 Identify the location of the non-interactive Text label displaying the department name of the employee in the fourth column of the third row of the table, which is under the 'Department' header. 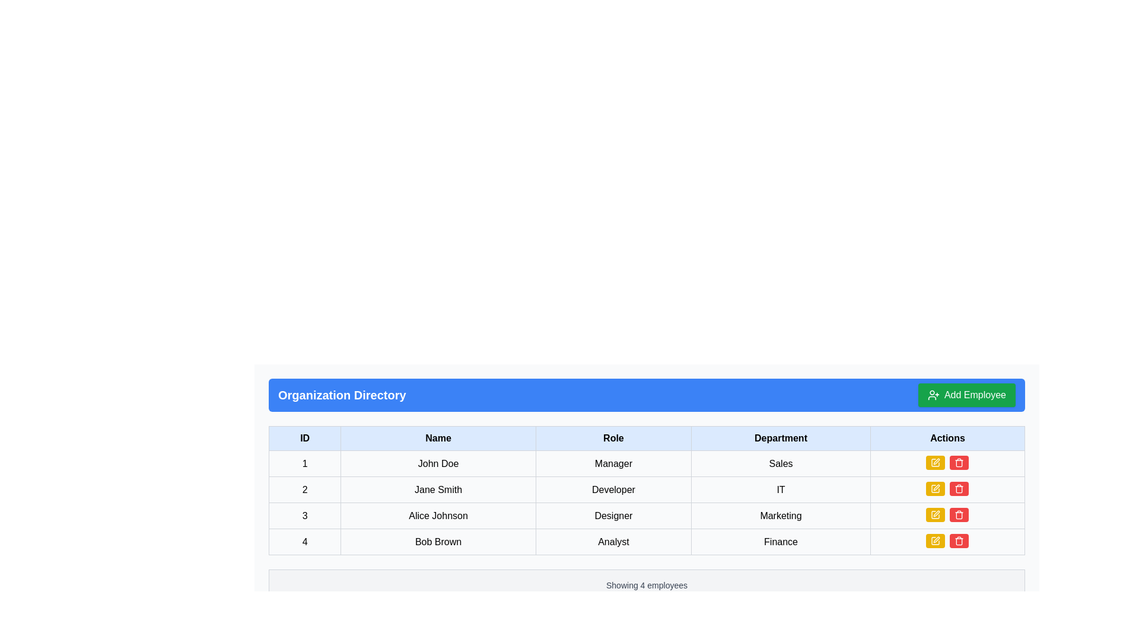
(781, 515).